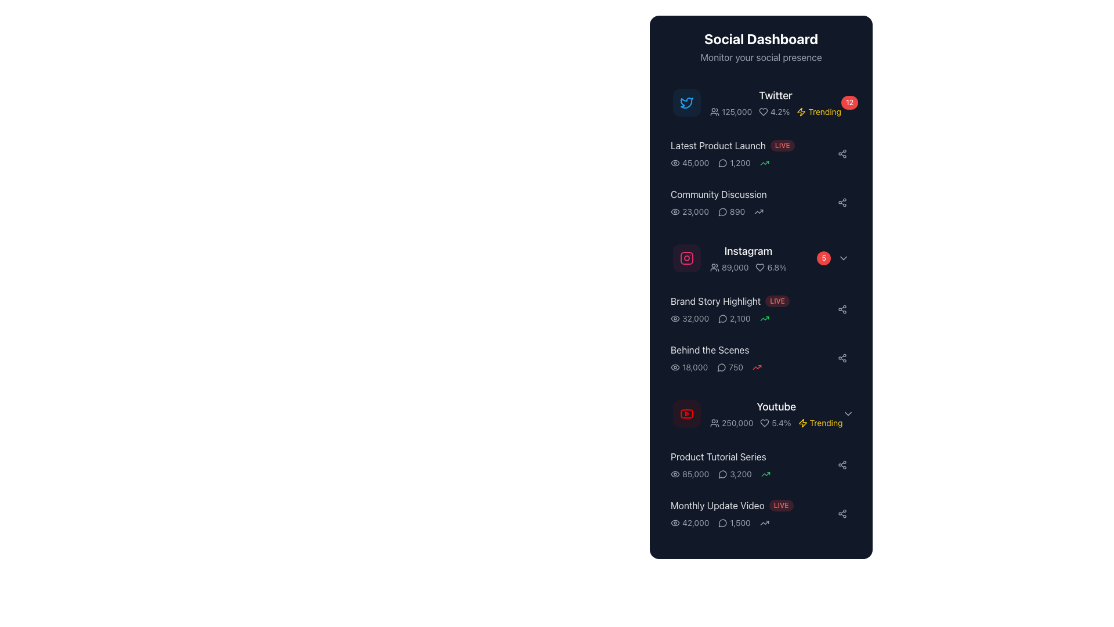 The width and height of the screenshot is (1114, 627). I want to click on the icons in the Statistical data group related to the 'Product Tutorial Series' section, which displays metrics such as views and comments, so click(752, 474).